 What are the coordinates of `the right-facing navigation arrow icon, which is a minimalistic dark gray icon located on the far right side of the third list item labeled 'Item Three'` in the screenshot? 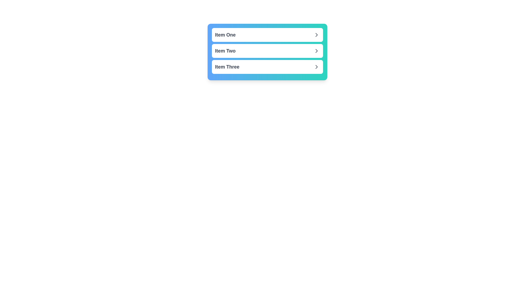 It's located at (317, 66).